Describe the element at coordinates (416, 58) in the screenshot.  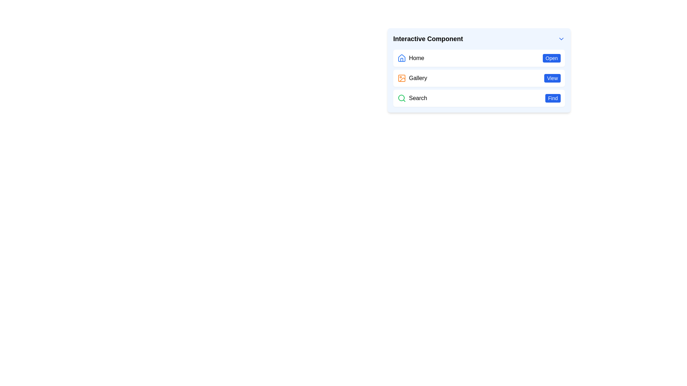
I see `the 'Home' text label that is positioned to the right of the house-shaped icon and to the left of the blue button labeled 'Open'` at that location.